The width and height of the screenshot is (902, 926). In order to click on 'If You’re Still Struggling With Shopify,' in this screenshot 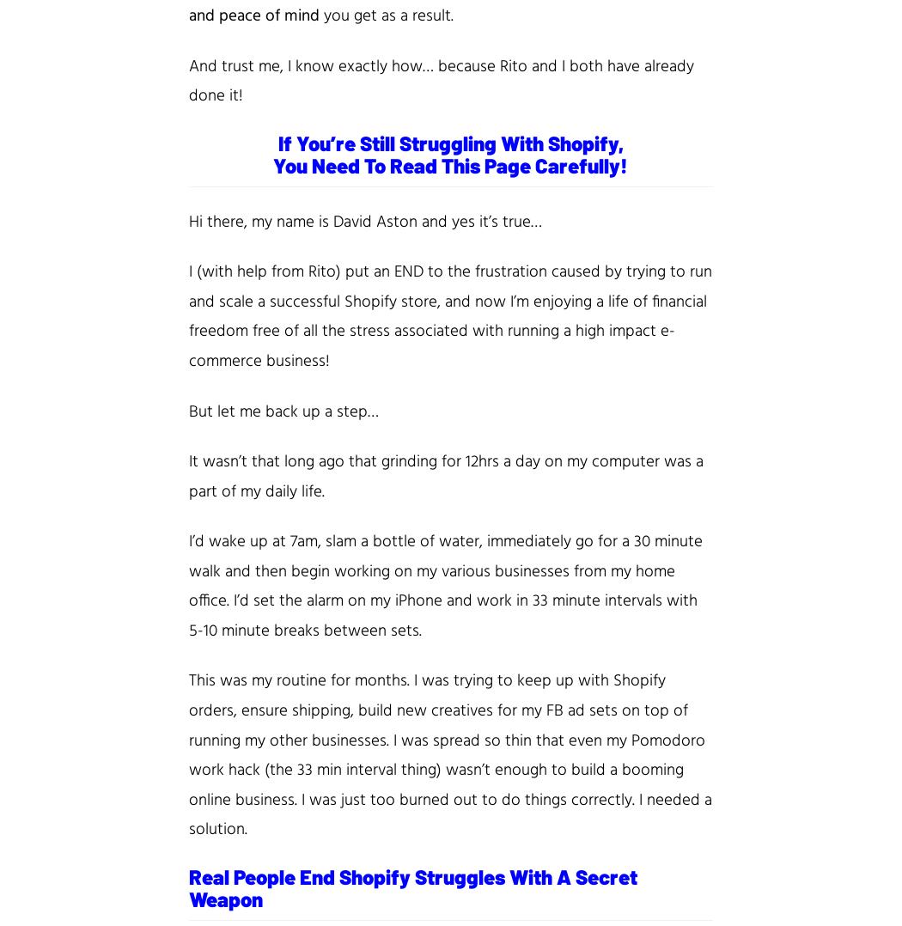, I will do `click(448, 141)`.